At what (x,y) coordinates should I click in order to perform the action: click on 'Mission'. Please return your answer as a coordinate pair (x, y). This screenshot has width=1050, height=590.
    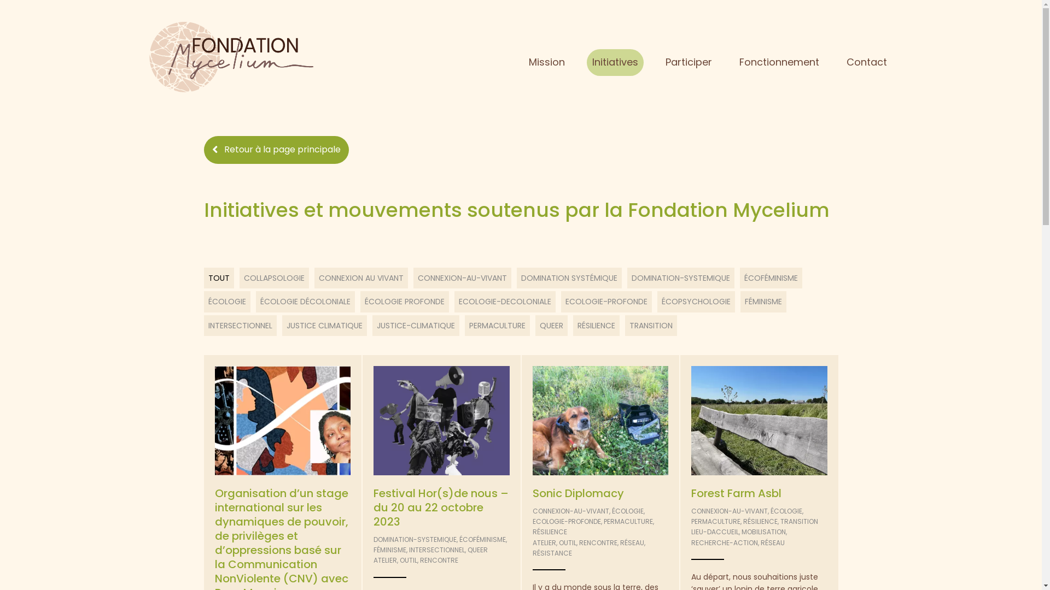
    Looking at the image, I should click on (546, 62).